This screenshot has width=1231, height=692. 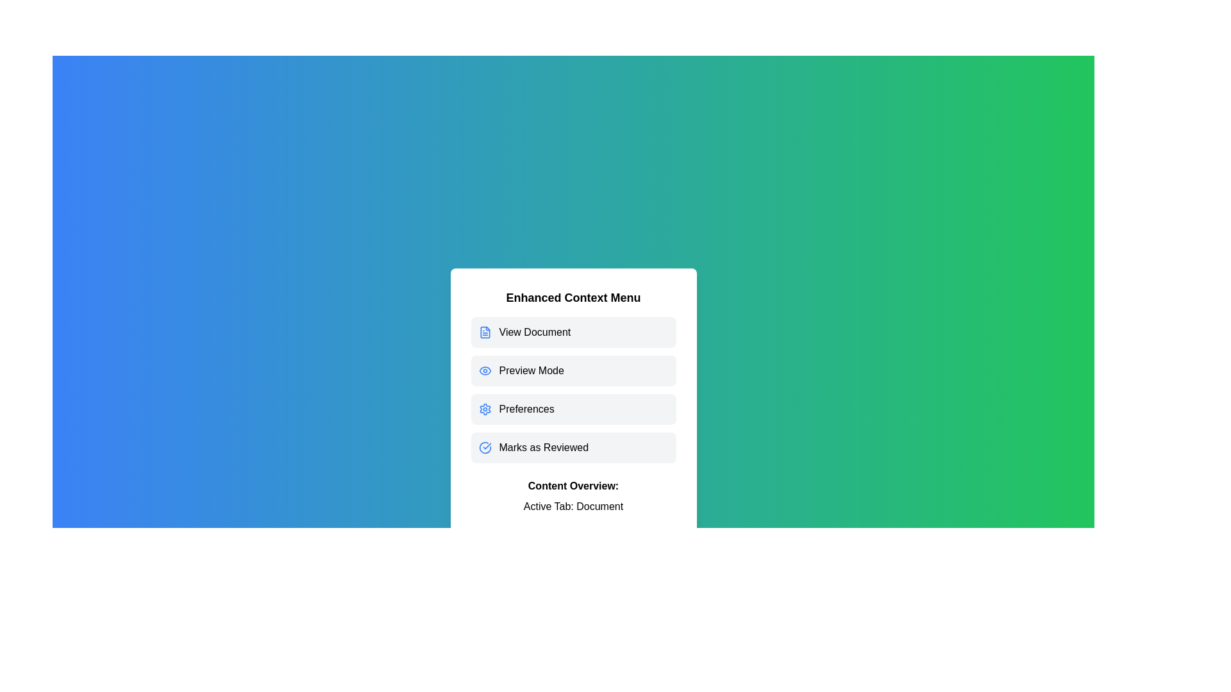 What do you see at coordinates (573, 447) in the screenshot?
I see `the menu option Marks as Reviewed to inspect its associated icon` at bounding box center [573, 447].